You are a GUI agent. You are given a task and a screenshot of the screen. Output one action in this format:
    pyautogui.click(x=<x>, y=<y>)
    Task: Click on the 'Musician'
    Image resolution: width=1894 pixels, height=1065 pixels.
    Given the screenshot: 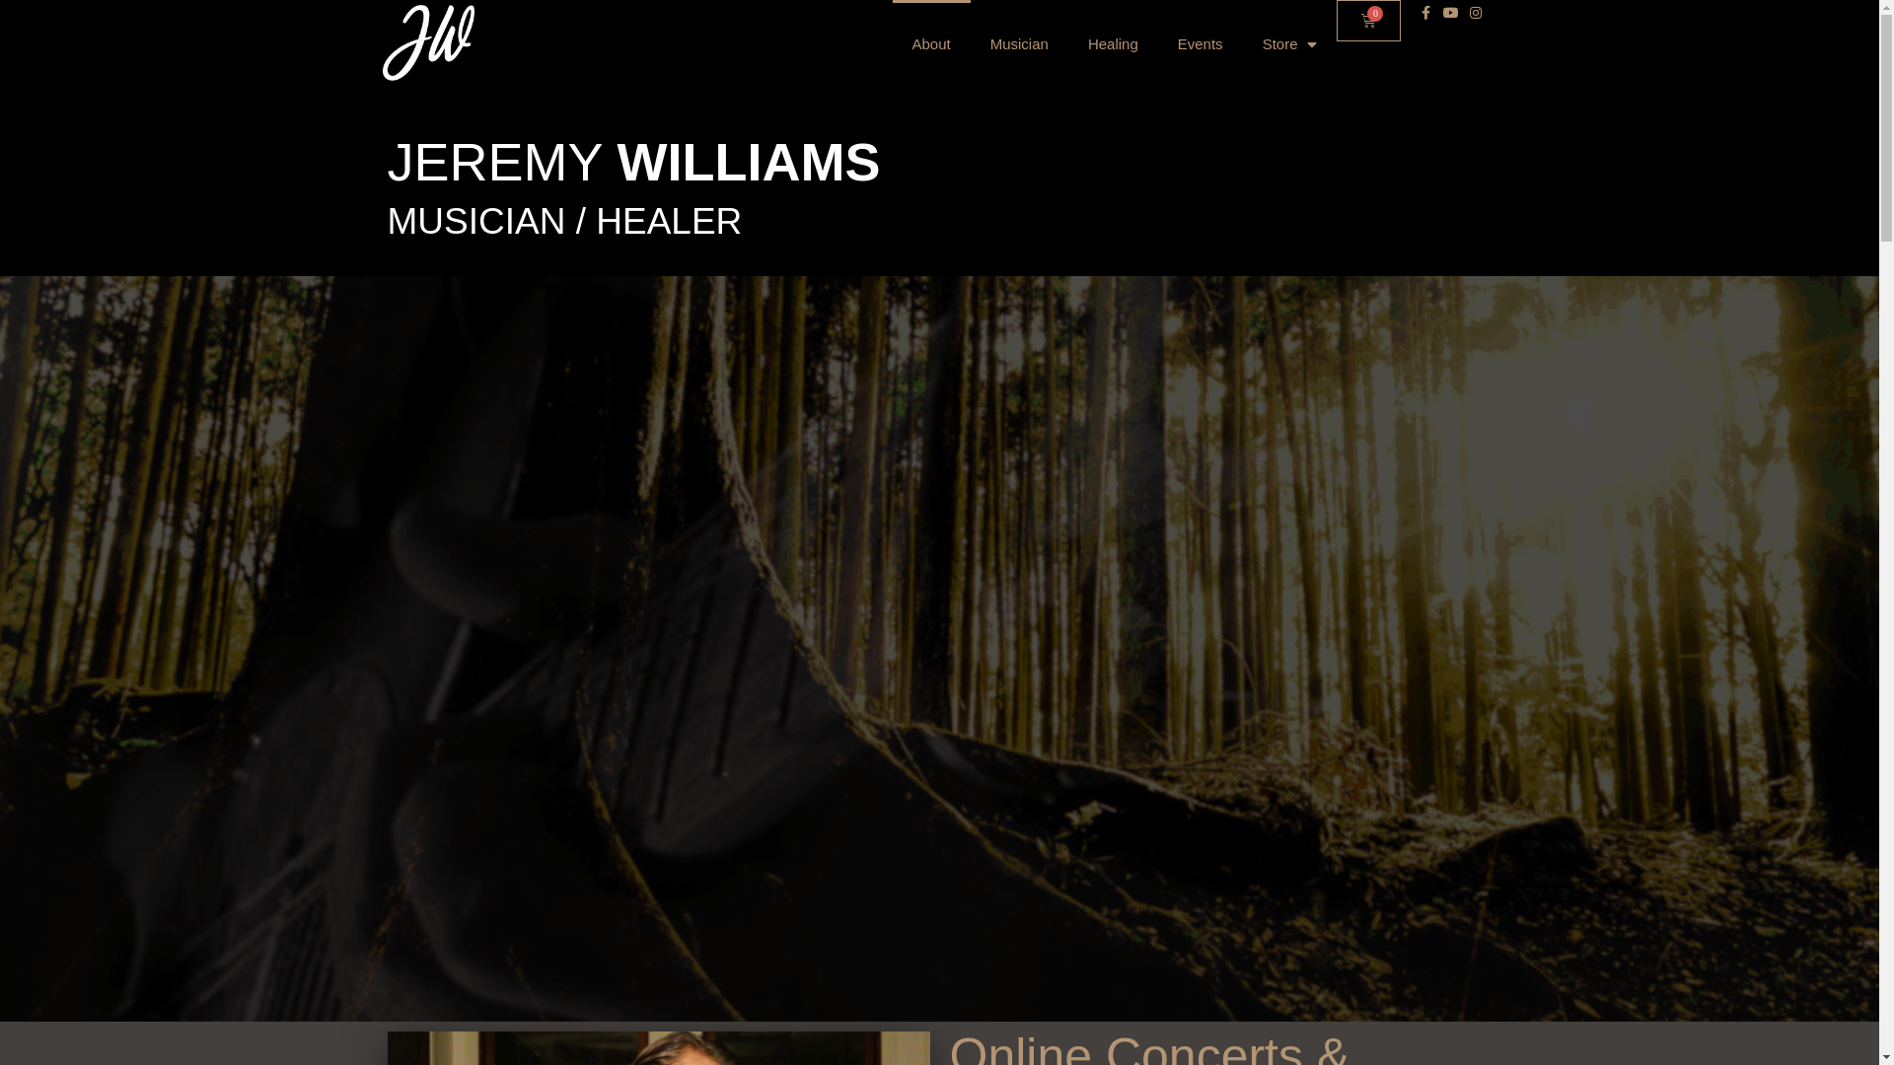 What is the action you would take?
    pyautogui.click(x=970, y=44)
    